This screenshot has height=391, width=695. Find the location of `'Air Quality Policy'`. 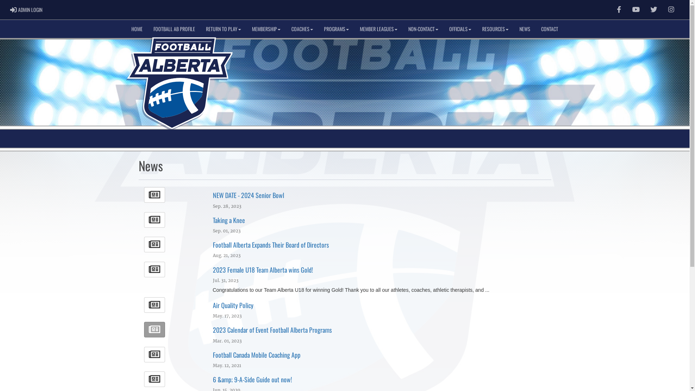

'Air Quality Policy' is located at coordinates (233, 305).